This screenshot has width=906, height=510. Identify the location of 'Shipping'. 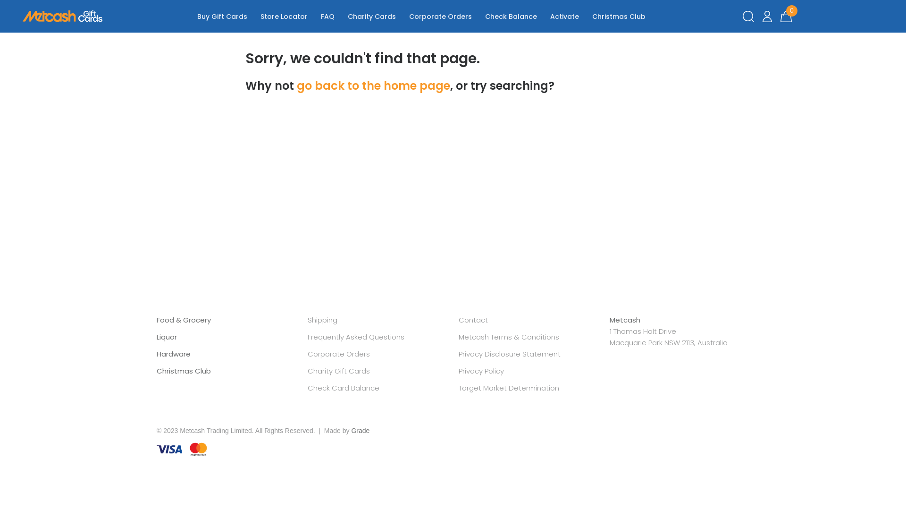
(322, 319).